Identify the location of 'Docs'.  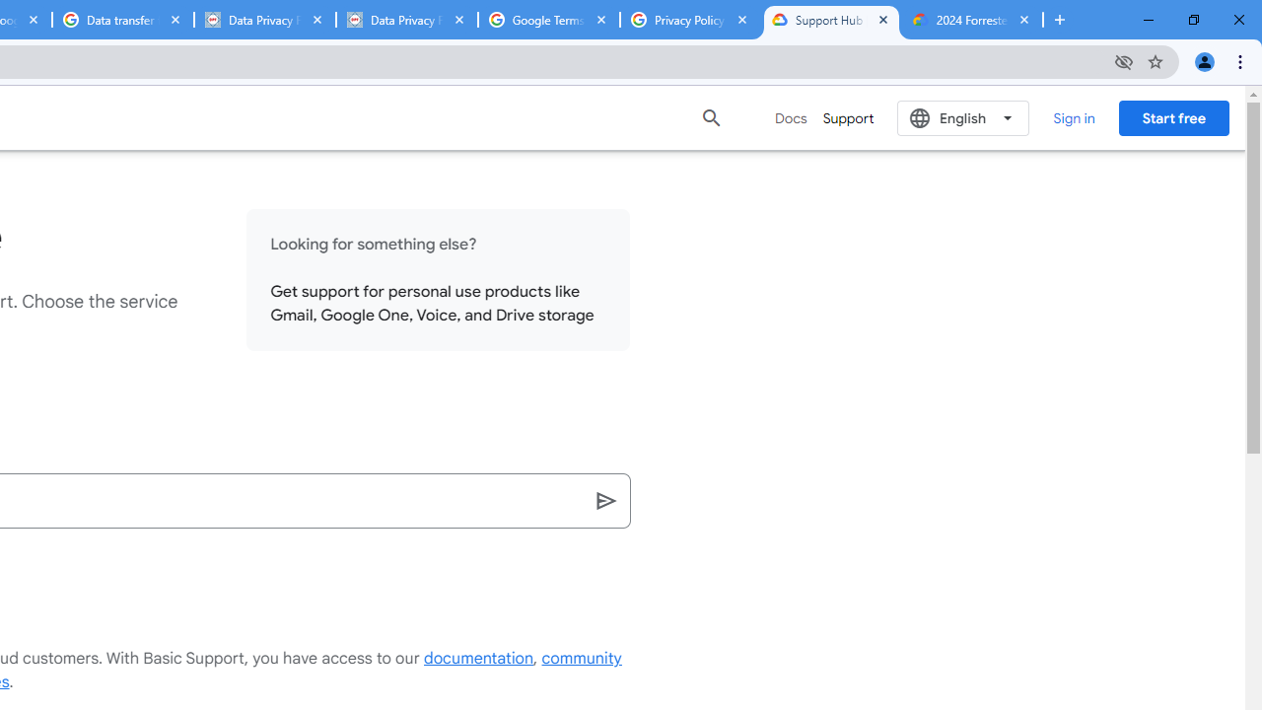
(791, 117).